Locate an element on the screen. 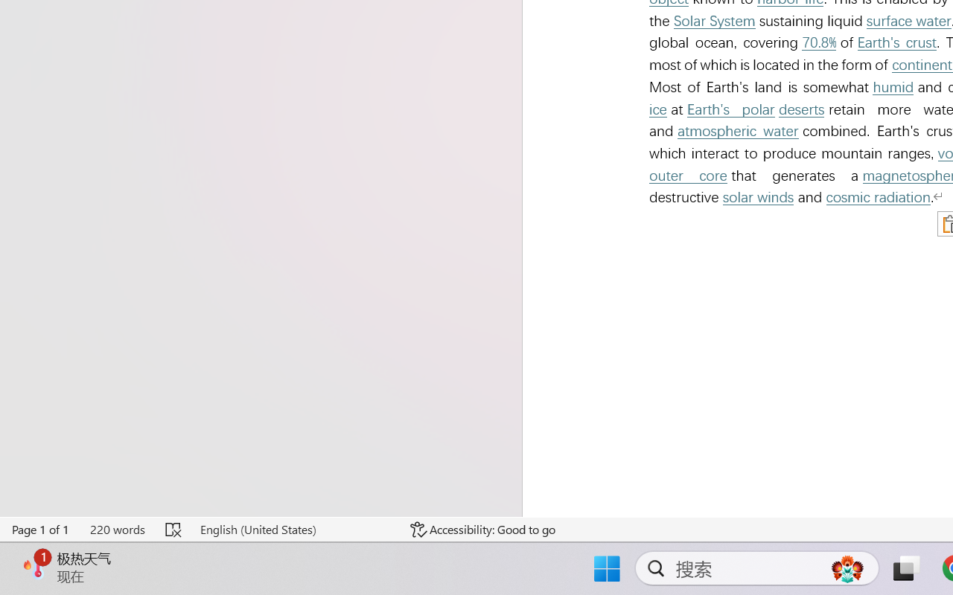 The width and height of the screenshot is (953, 595). 'surface water' is located at coordinates (908, 21).